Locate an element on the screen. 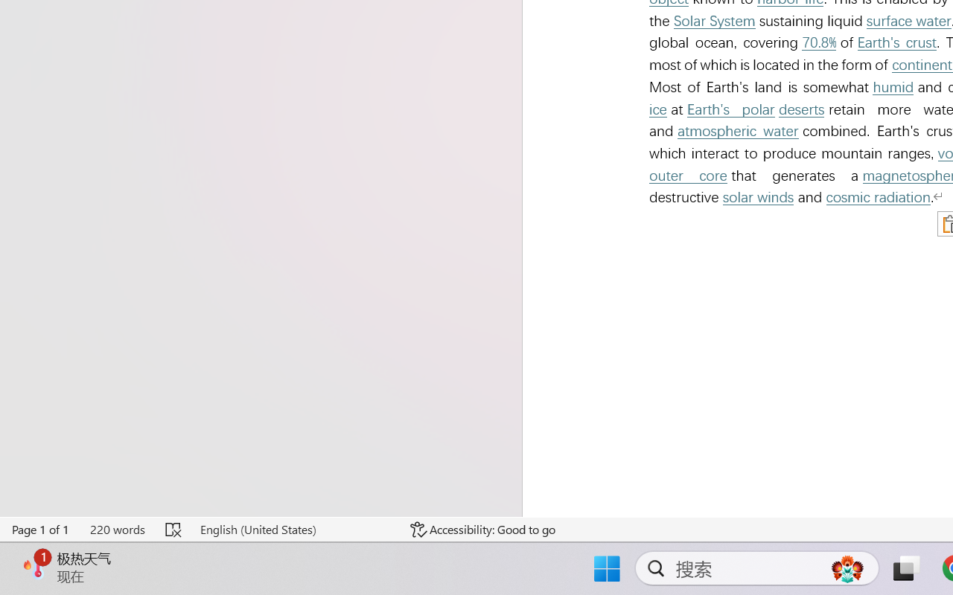 The width and height of the screenshot is (953, 595). 'surface water' is located at coordinates (908, 21).